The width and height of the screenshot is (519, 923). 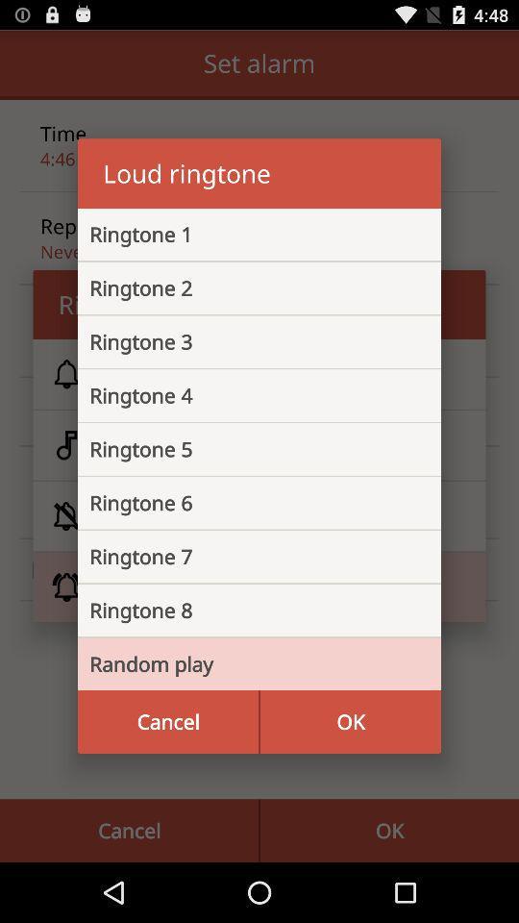 What do you see at coordinates (244, 557) in the screenshot?
I see `the app above ringtone 8` at bounding box center [244, 557].